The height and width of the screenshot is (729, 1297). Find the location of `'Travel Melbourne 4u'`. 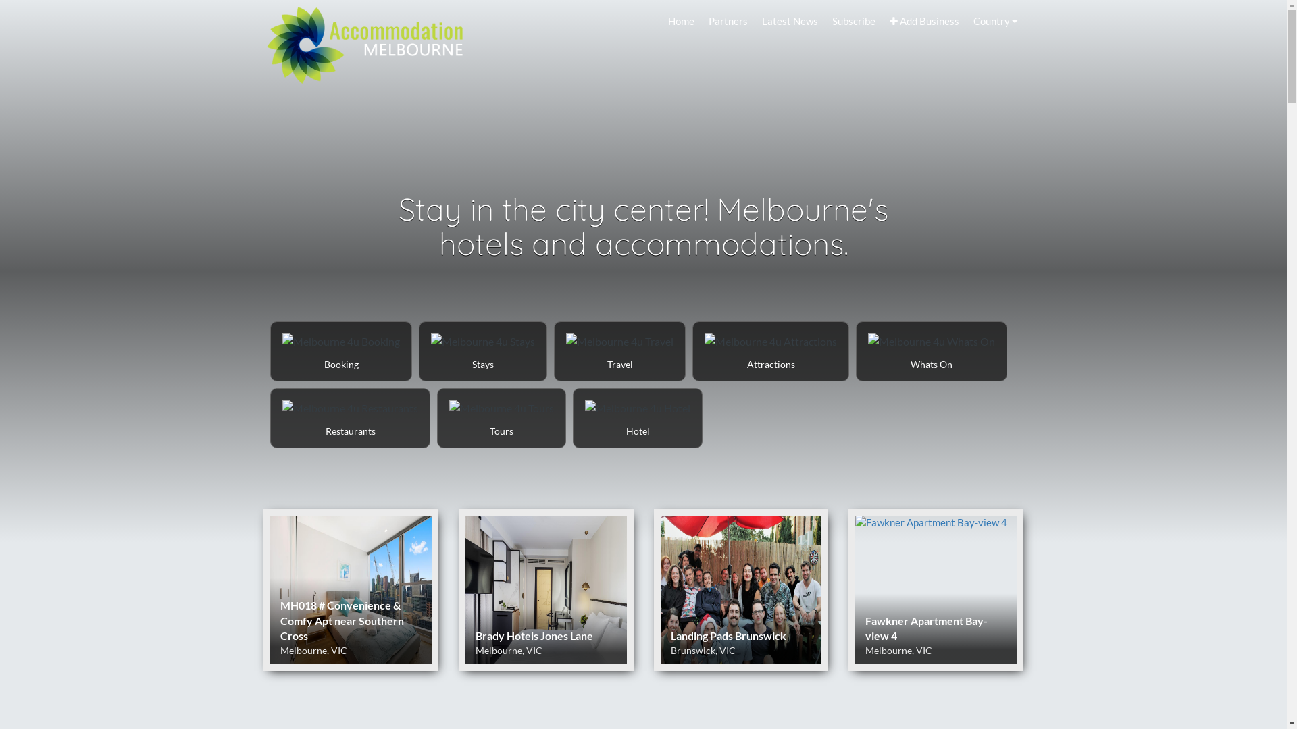

'Travel Melbourne 4u' is located at coordinates (619, 350).